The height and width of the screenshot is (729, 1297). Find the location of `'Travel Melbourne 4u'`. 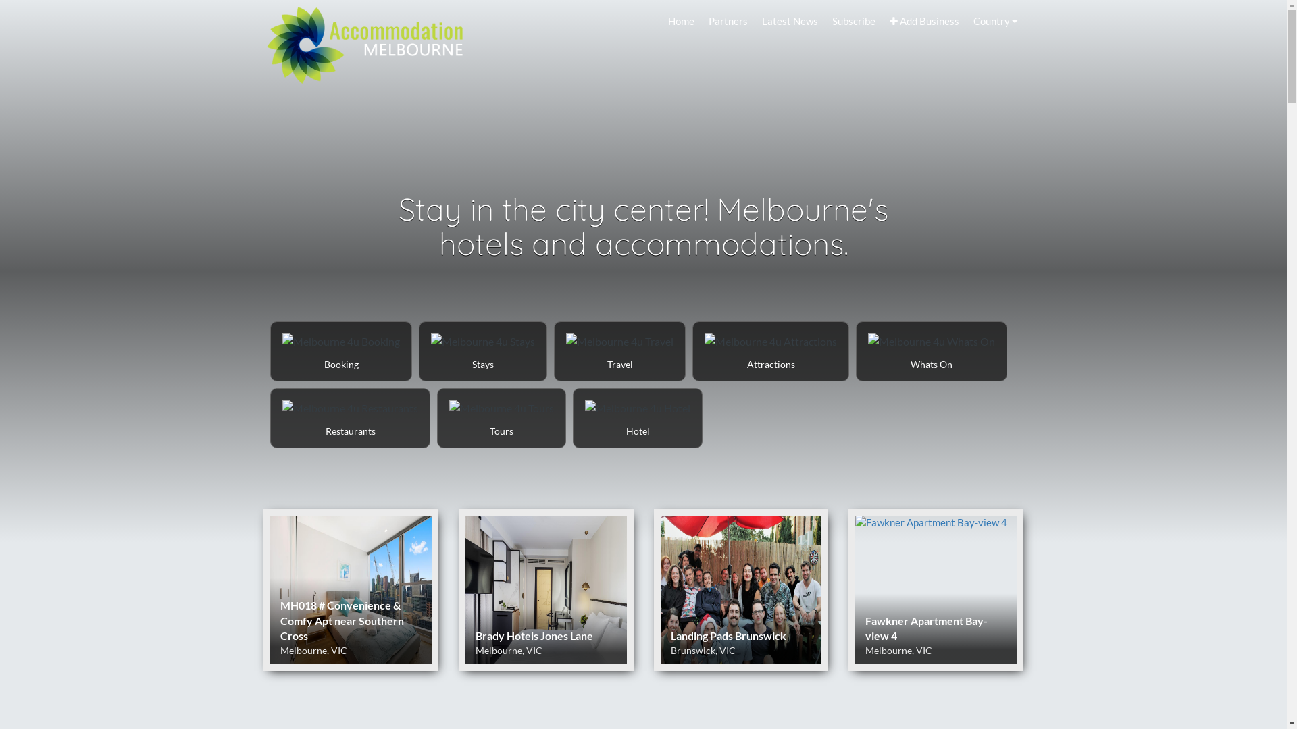

'Travel Melbourne 4u' is located at coordinates (619, 350).